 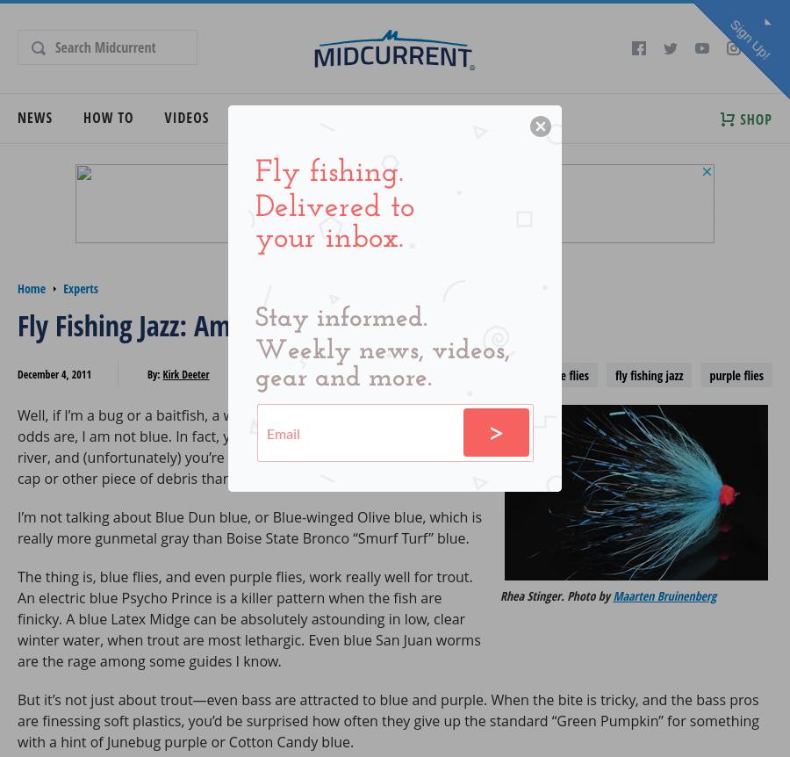 I want to click on 'Flies', so click(x=301, y=117).